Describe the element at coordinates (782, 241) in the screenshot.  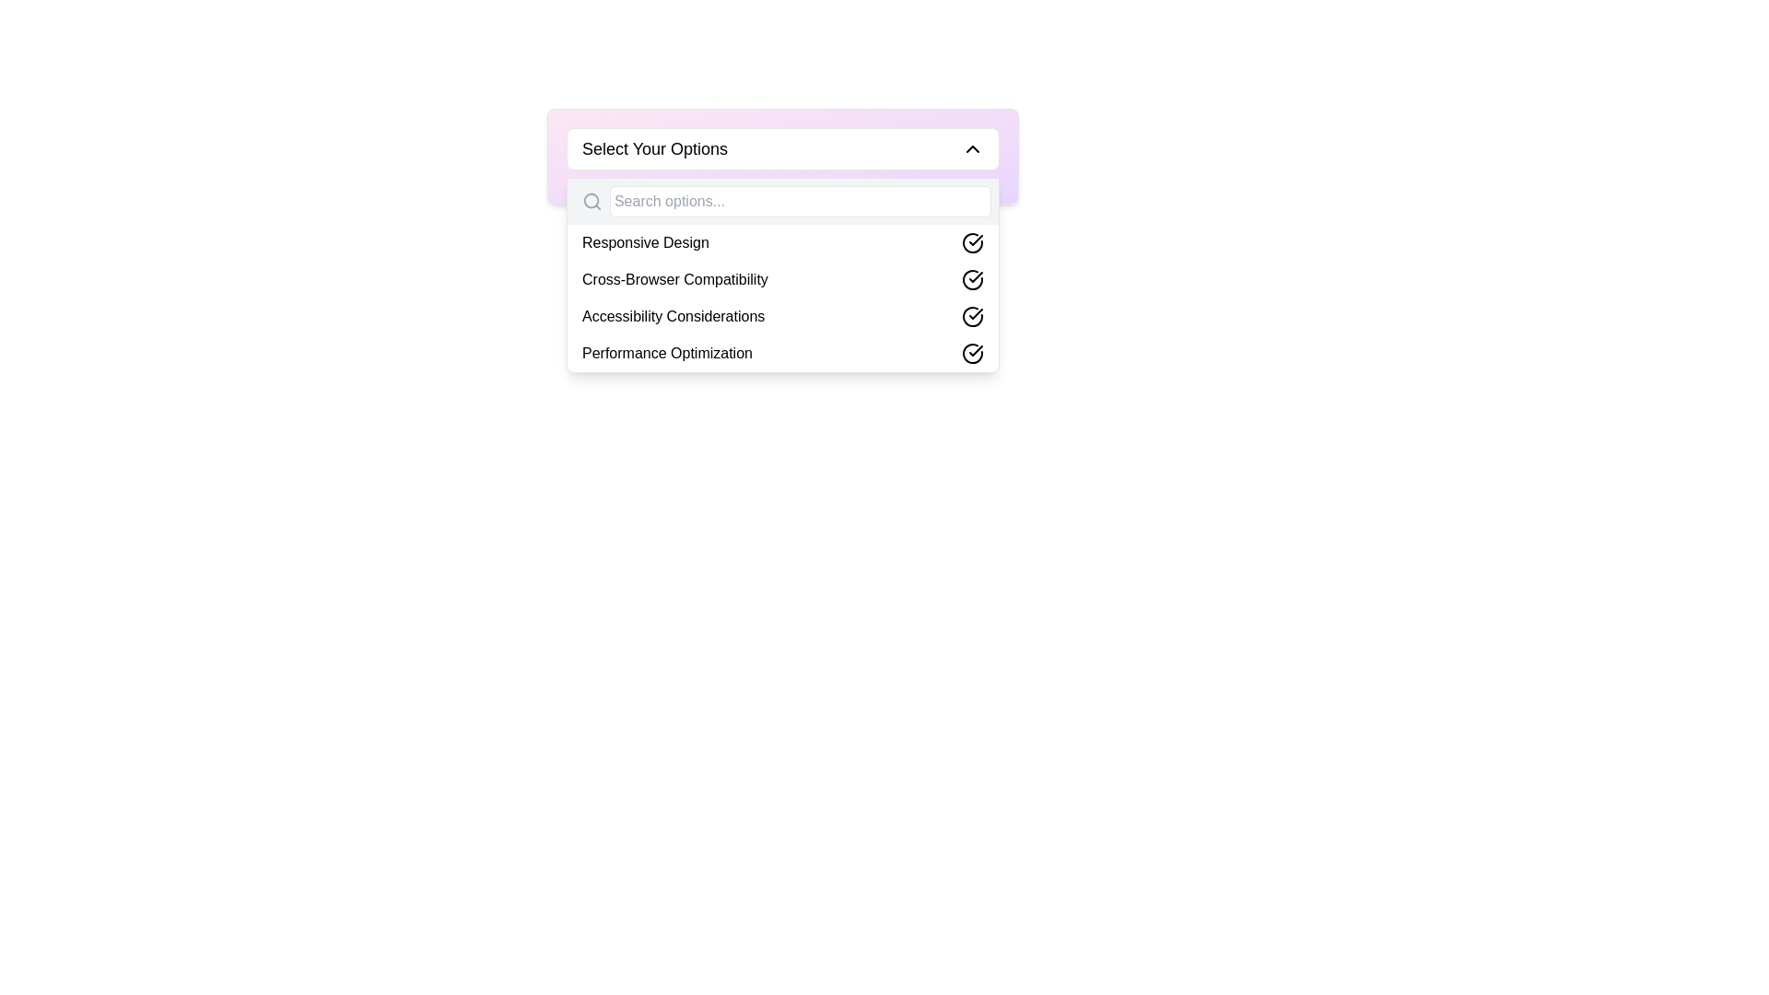
I see `the first selectable option in the list labeled 'Responsive Design'` at that location.